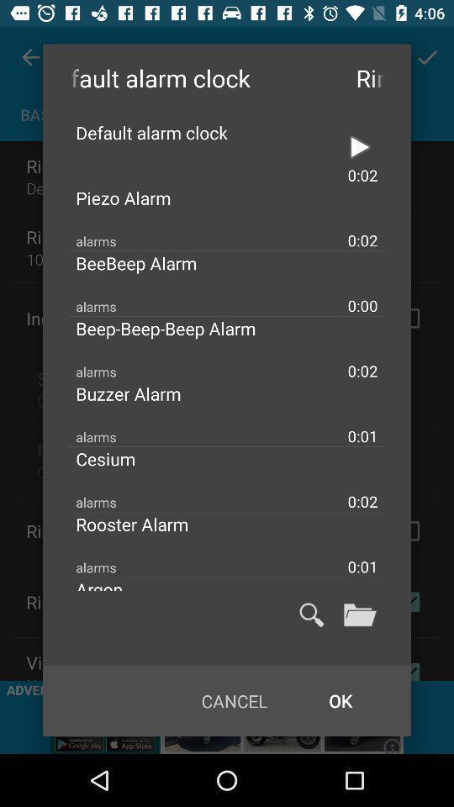  I want to click on alarm setting, so click(359, 146).